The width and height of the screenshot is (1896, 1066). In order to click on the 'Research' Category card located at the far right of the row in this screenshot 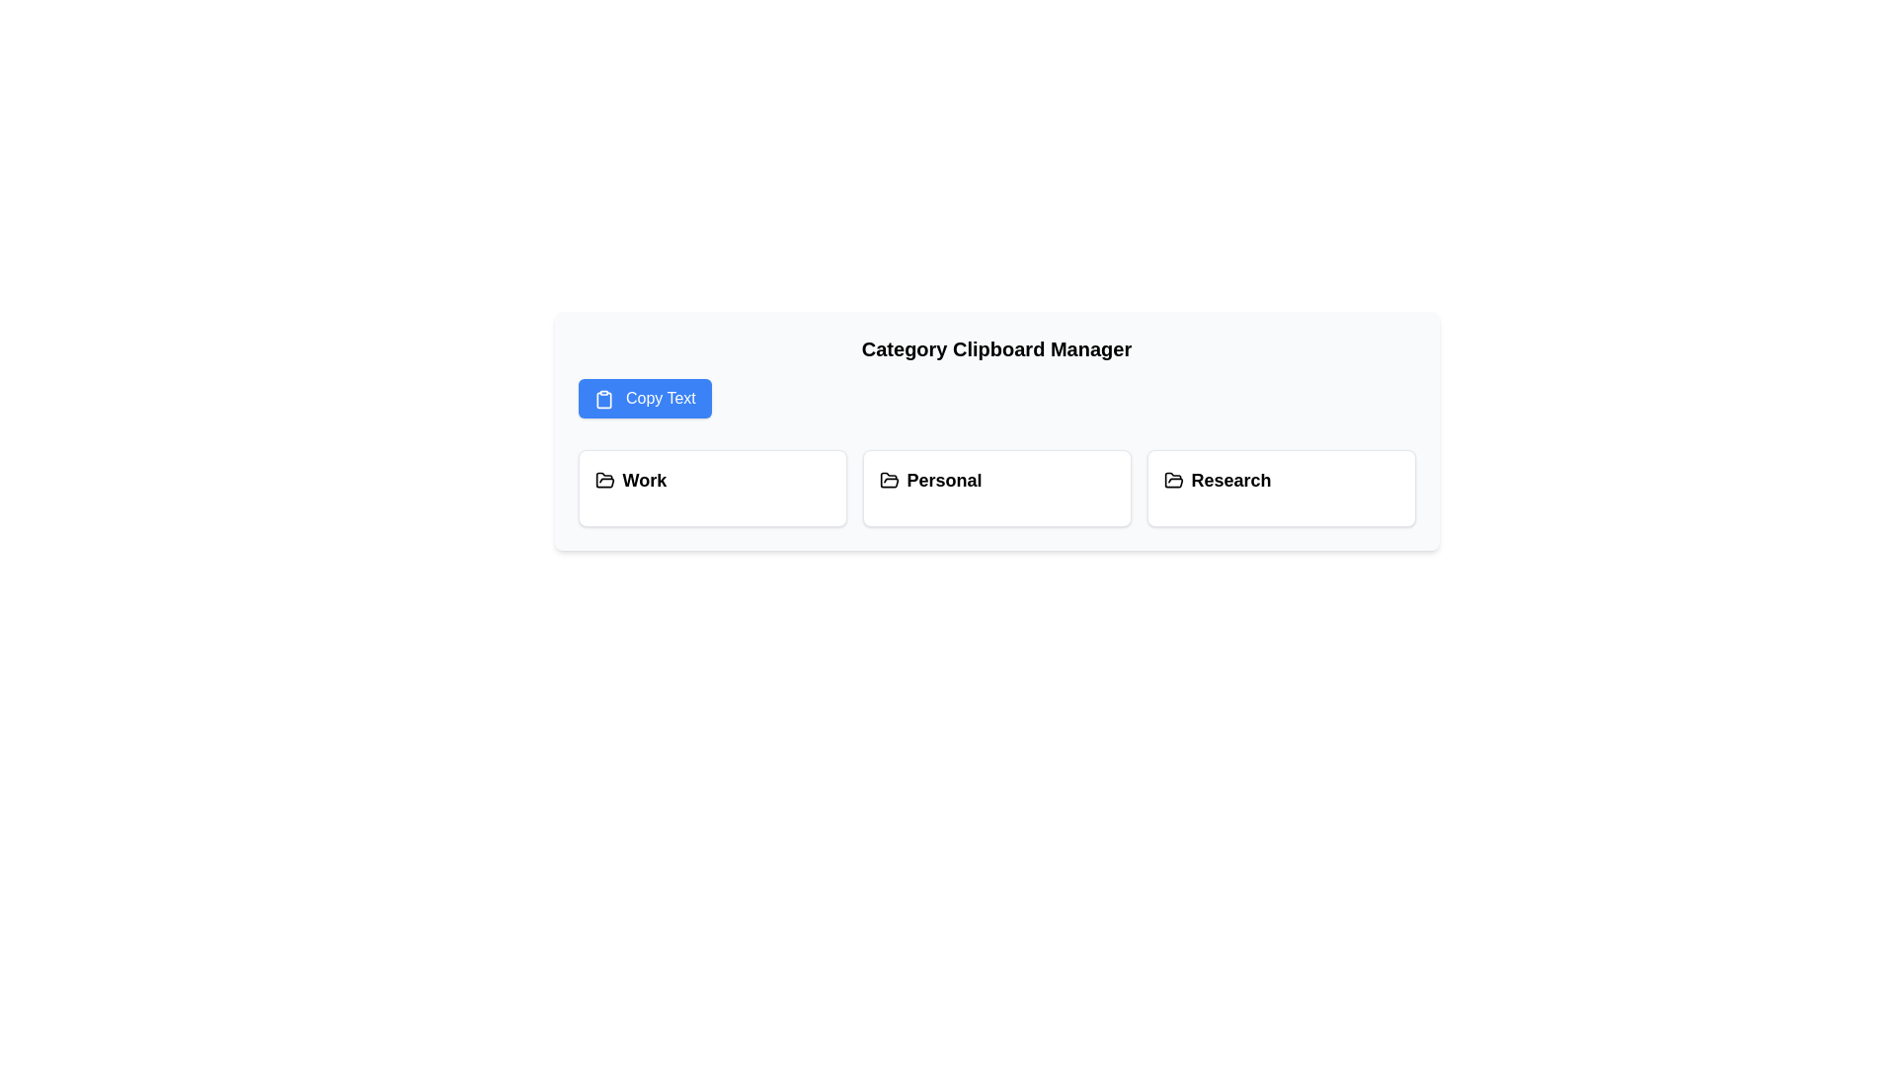, I will do `click(1281, 488)`.